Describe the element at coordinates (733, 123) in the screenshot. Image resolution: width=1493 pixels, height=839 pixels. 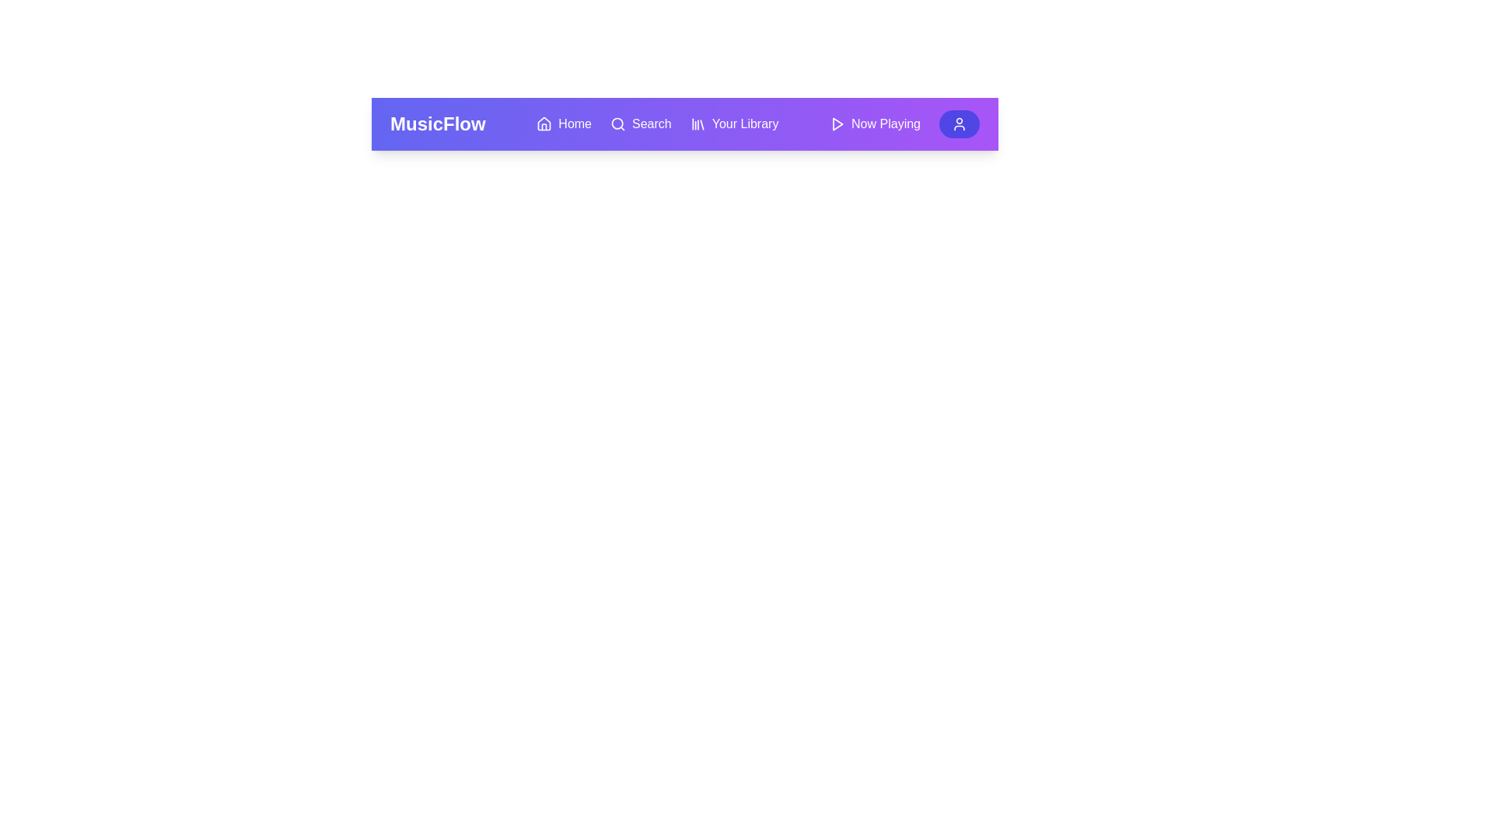
I see `the Your Library button to observe its hover effect` at that location.